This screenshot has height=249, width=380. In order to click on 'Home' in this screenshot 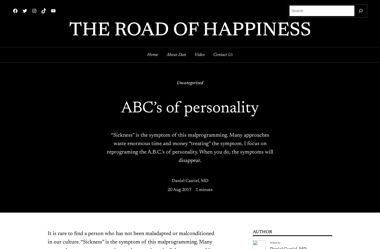, I will do `click(147, 54)`.